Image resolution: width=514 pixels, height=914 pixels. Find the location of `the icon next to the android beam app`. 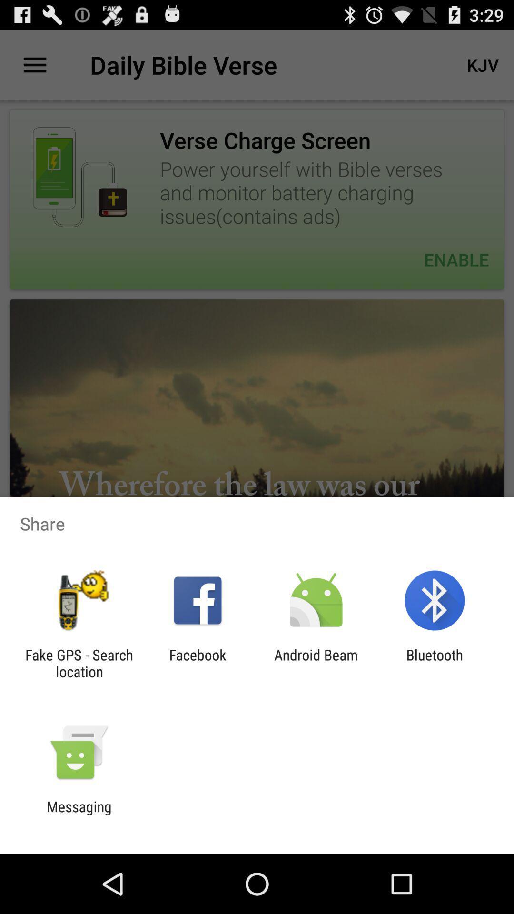

the icon next to the android beam app is located at coordinates (197, 663).